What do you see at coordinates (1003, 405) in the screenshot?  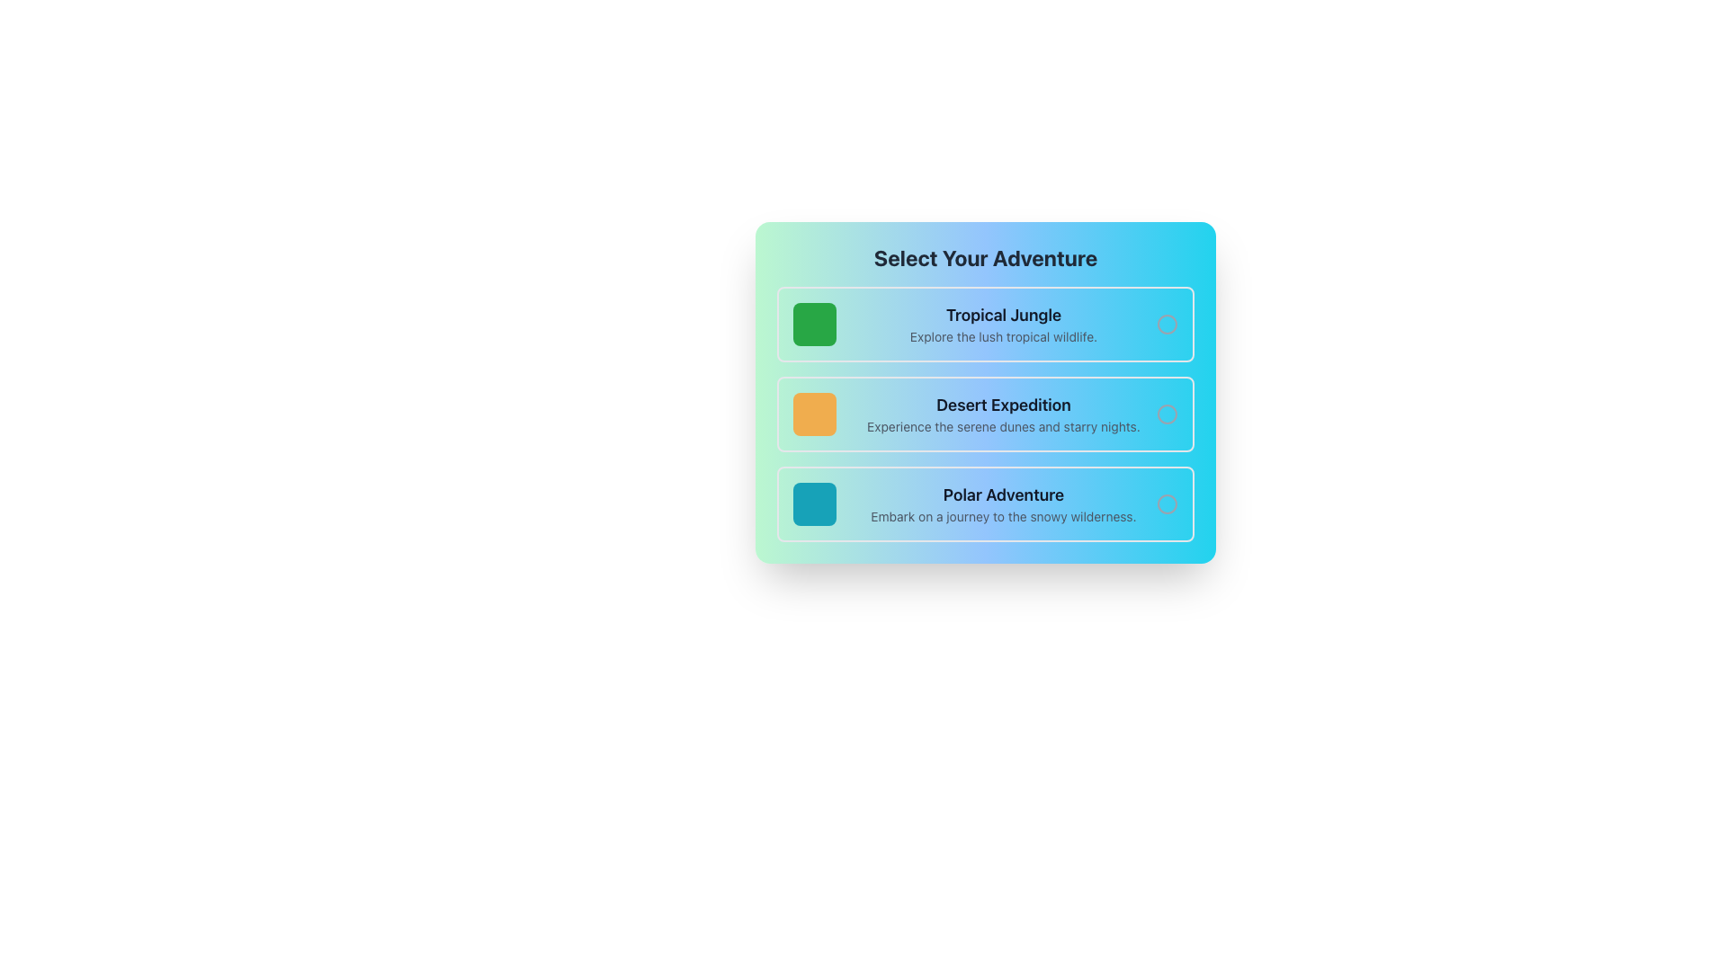 I see `the text label that reads 'Desert Expedition', which is prominently styled in bold dark gray against a light blue background, located above the description in the second choice card` at bounding box center [1003, 405].